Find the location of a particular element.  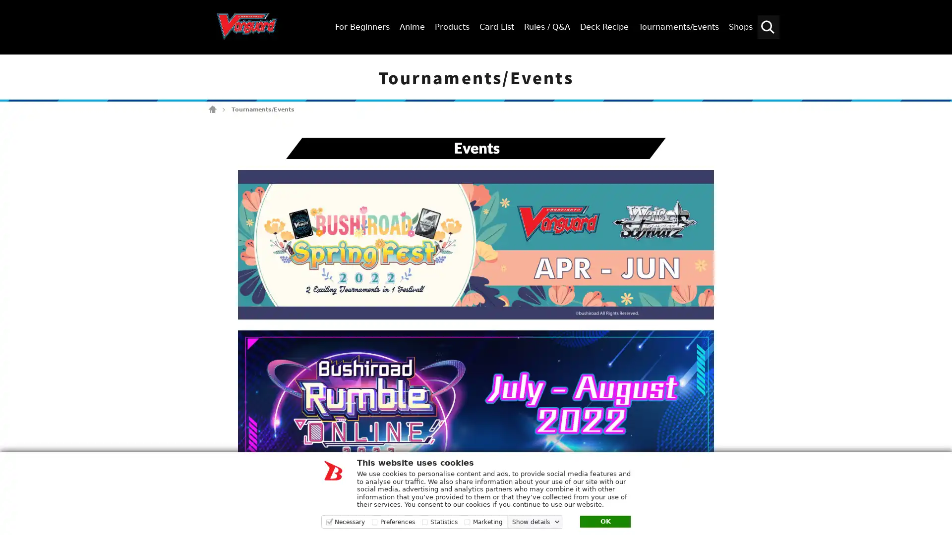

Search is located at coordinates (940, 63).